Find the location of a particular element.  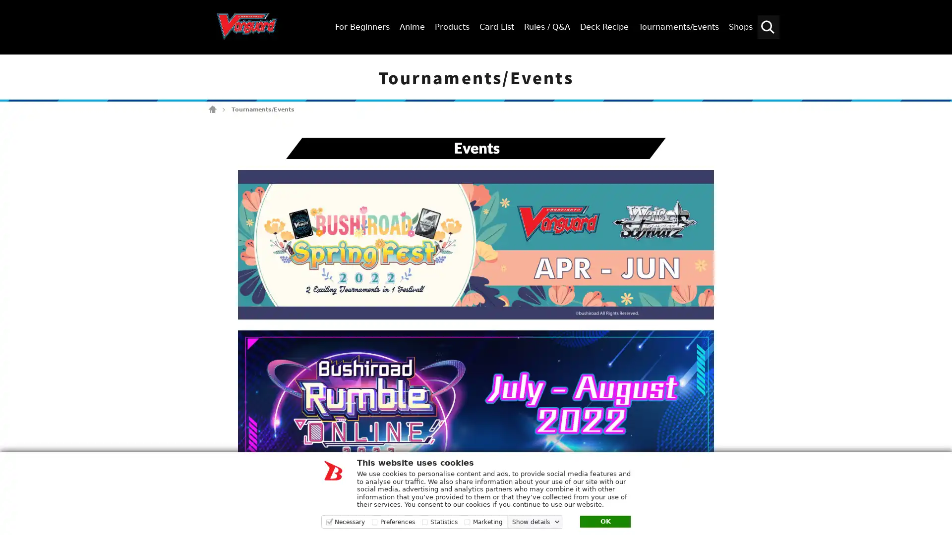

Search is located at coordinates (940, 63).